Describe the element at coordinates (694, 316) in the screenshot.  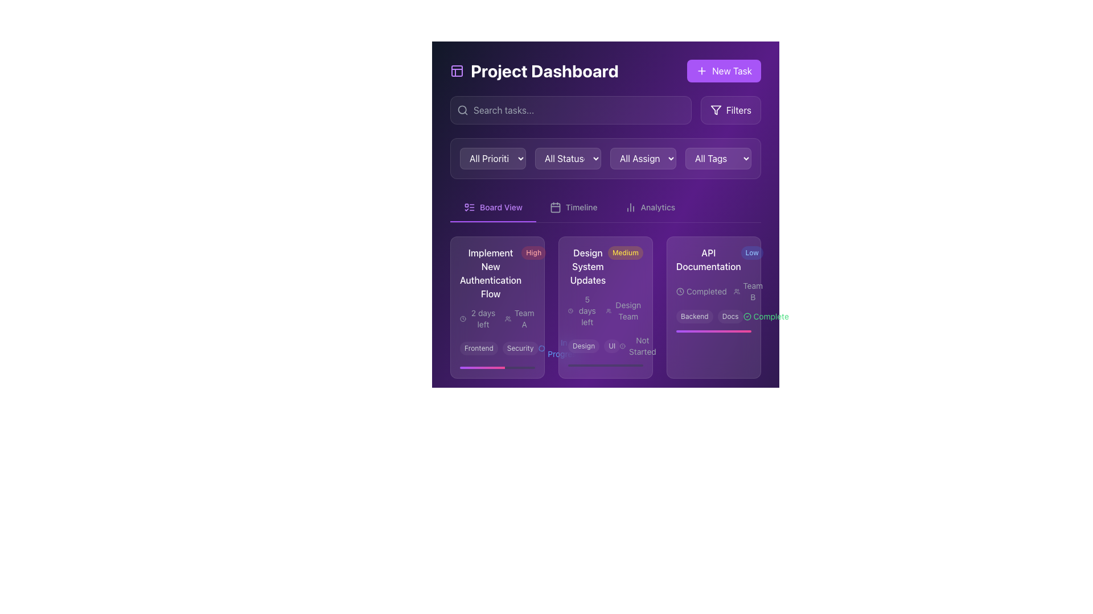
I see `the 'Backend' label, which is a small, rounded rectangle with light gray text on a semi-transparent purplish background, located at the bottom section of the 'API Documentation' card and positioned to the left of the 'Docs' label` at that location.